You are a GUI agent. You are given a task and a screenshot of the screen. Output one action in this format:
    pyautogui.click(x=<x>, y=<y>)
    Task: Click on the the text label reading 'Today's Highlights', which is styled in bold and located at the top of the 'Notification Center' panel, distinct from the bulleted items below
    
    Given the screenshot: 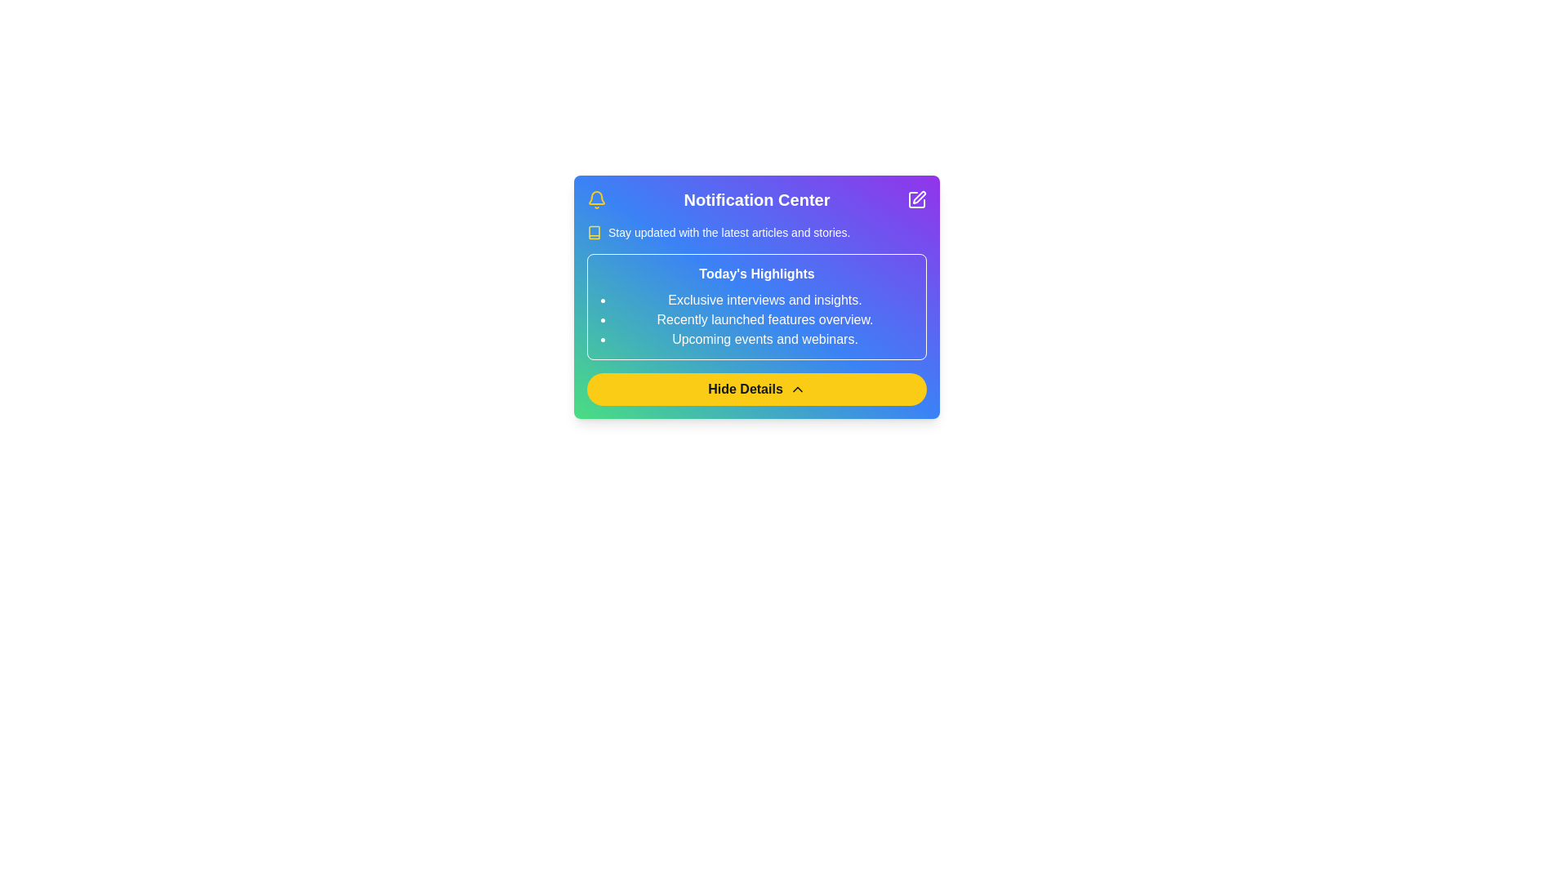 What is the action you would take?
    pyautogui.click(x=755, y=273)
    